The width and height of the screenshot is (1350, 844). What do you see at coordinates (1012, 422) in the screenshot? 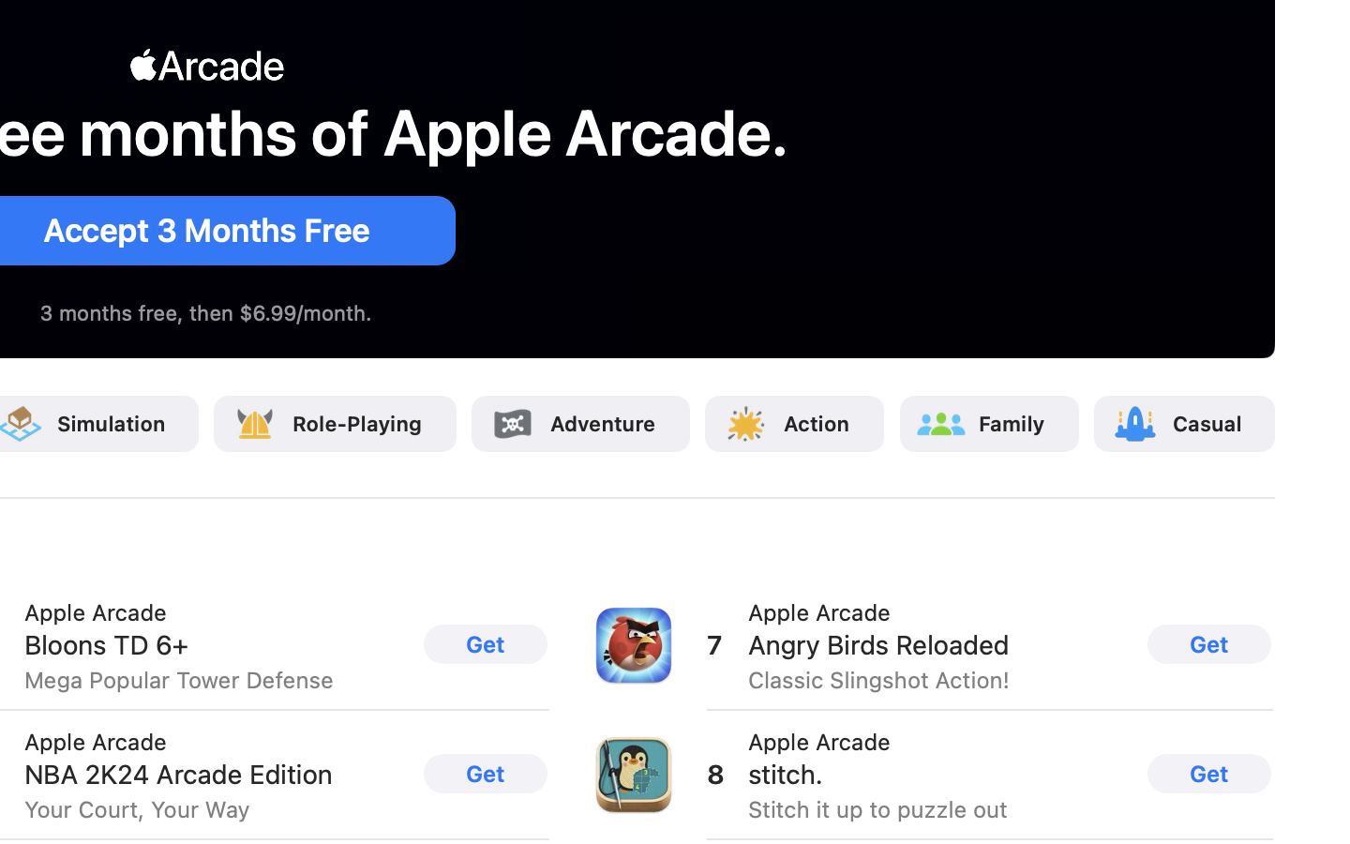
I see `'Family'` at bounding box center [1012, 422].